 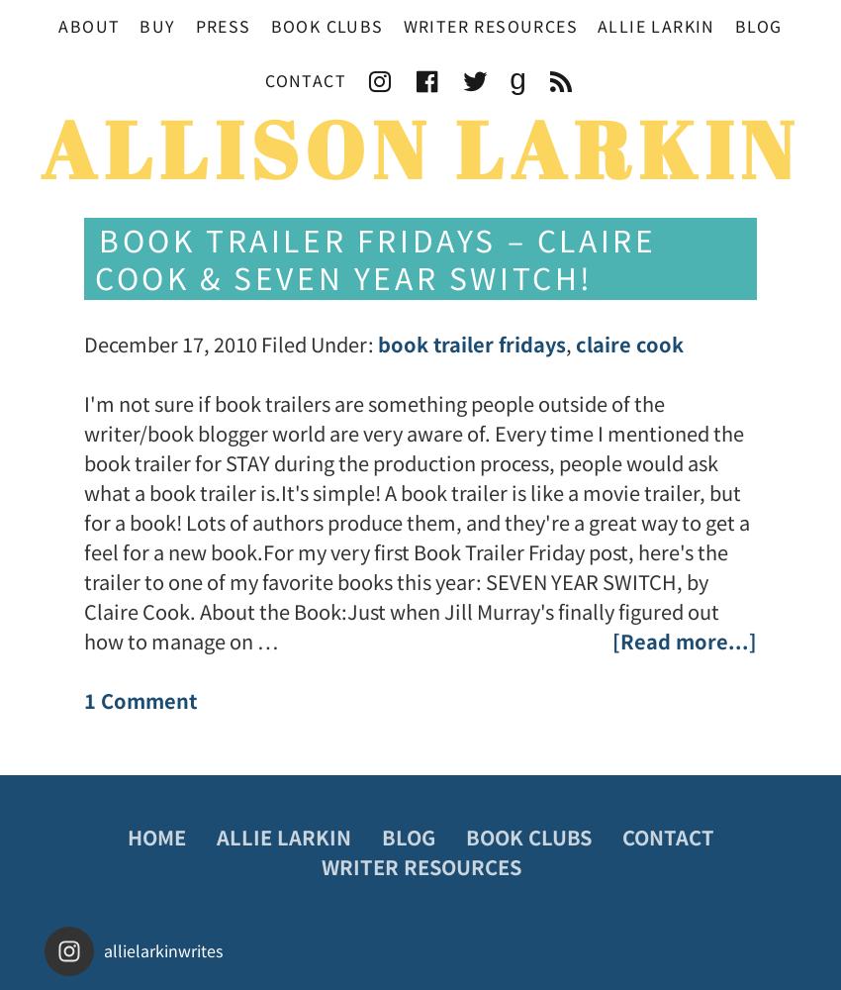 What do you see at coordinates (88, 26) in the screenshot?
I see `'About'` at bounding box center [88, 26].